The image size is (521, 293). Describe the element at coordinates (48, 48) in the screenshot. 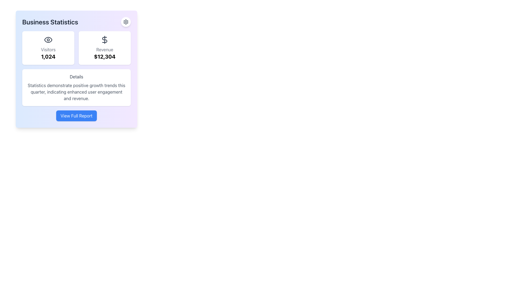

I see `the data-card component displaying 'Visitors' with an eye icon, located in the top-left cell of the grid layout` at that location.